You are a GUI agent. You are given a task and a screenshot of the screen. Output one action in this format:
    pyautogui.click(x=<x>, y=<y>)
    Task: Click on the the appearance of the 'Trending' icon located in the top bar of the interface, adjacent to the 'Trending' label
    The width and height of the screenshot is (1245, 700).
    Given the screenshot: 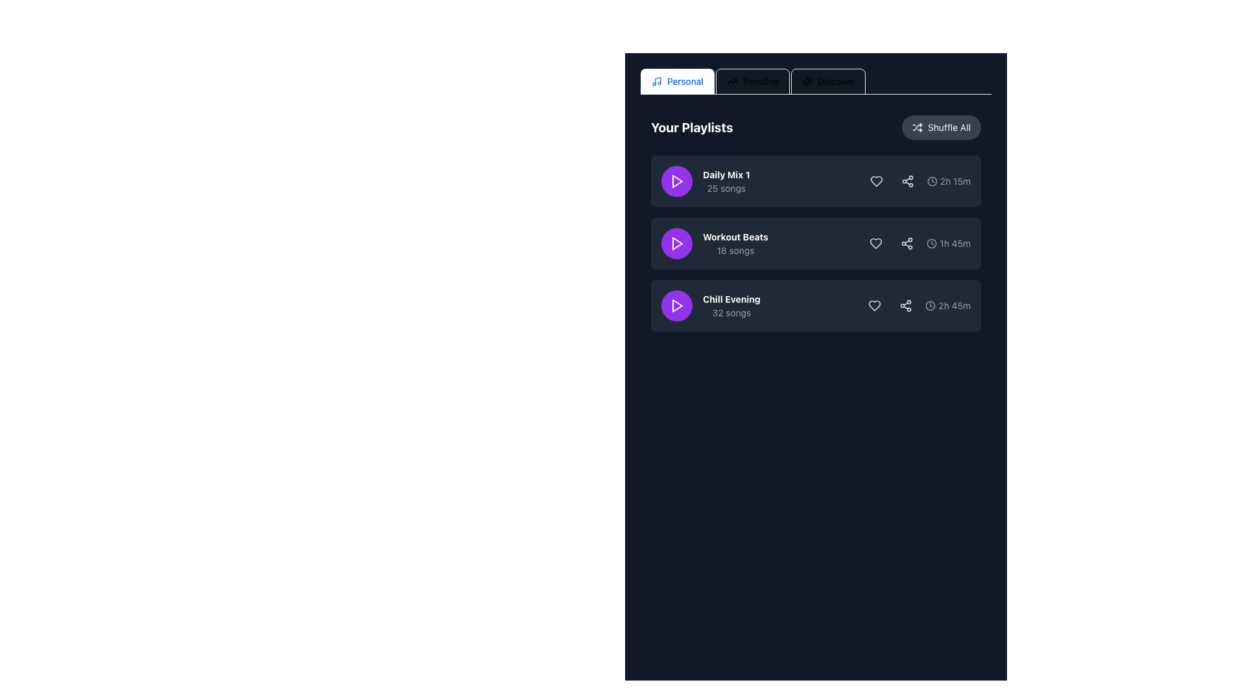 What is the action you would take?
    pyautogui.click(x=731, y=82)
    